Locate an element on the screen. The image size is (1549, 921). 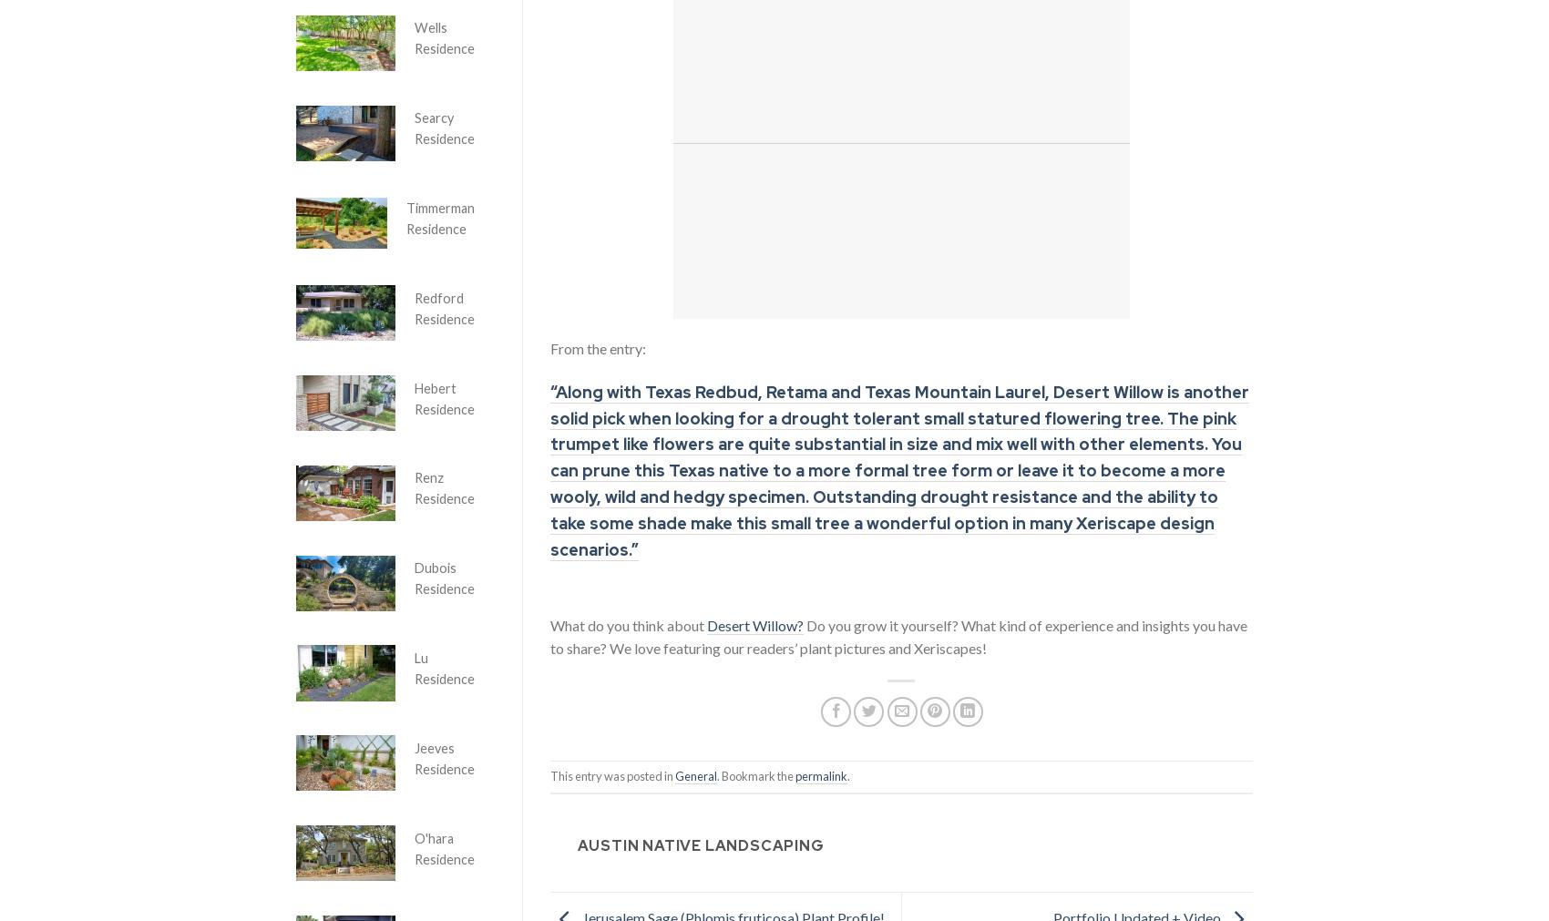
'“Along with Texas Redbud, Retama and Texas Mountain Laurel, Desert Willow is another solid pick when looking for a drought tolerant small statured flowering tree. The pink trumpet like flowers are quite substantial in size and mix well with other elements. You can prune this Texas native to a more formal tree form or leave it to become a more wooly, wild and hedgy specimen. Outstanding drought resistance and the ability to take some shade make this small tree a wonderful option in many Xeriscape design scenarios.”' is located at coordinates (898, 470).